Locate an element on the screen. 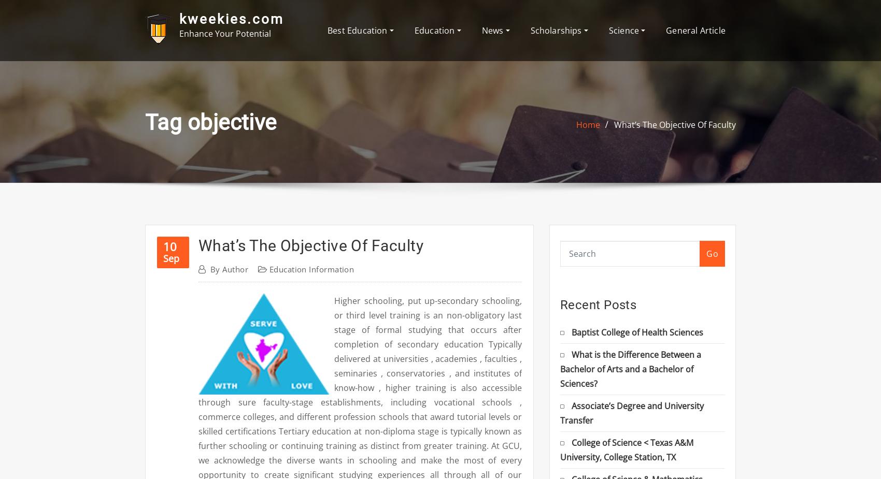  'Author' is located at coordinates (222, 269).